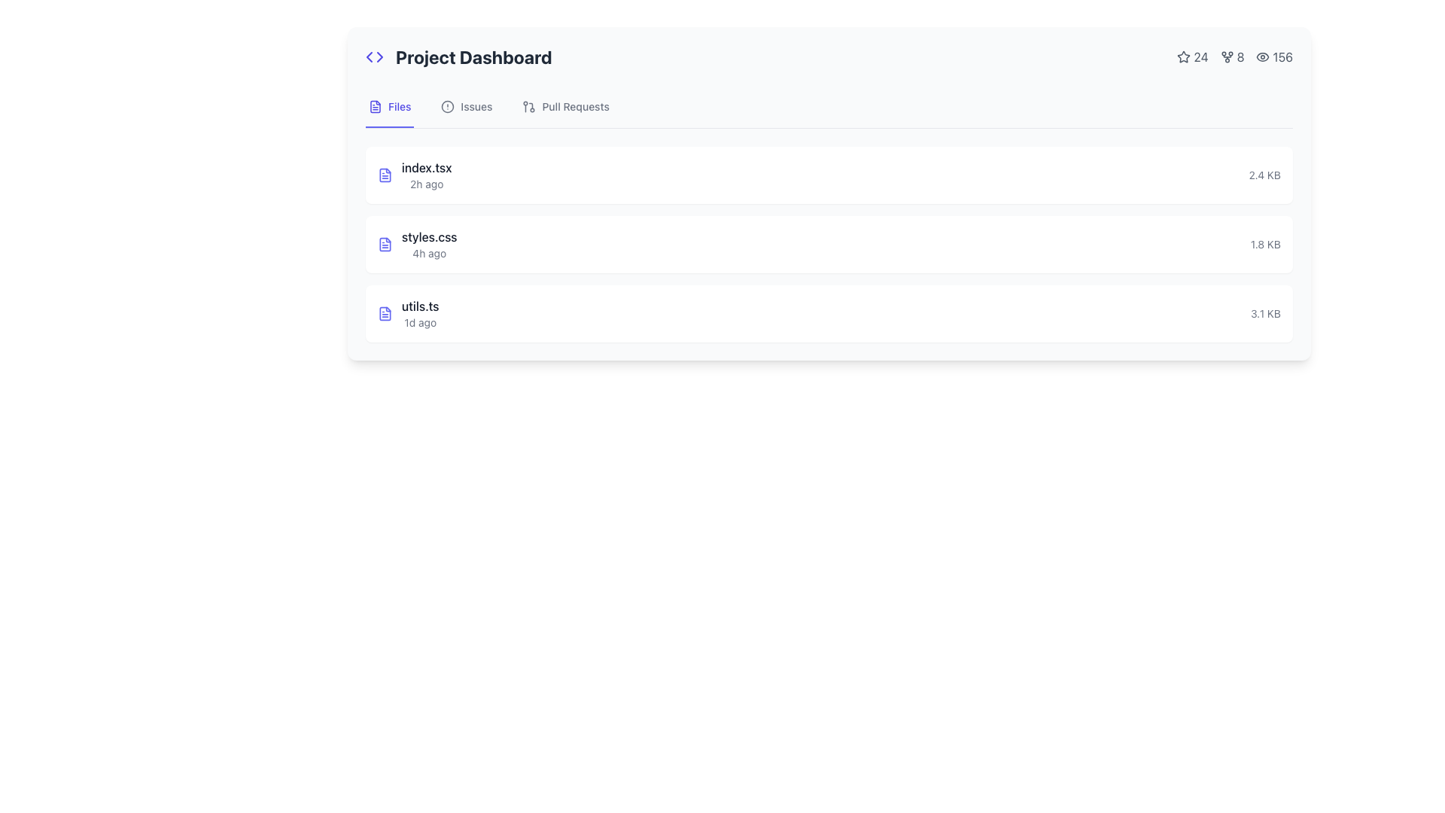  Describe the element at coordinates (420, 312) in the screenshot. I see `the file entry labeled 'utils.ts', which is the third item in the vertically aligned list under the 'Files' tab, located below 'styles.css (4h ago)'` at that location.